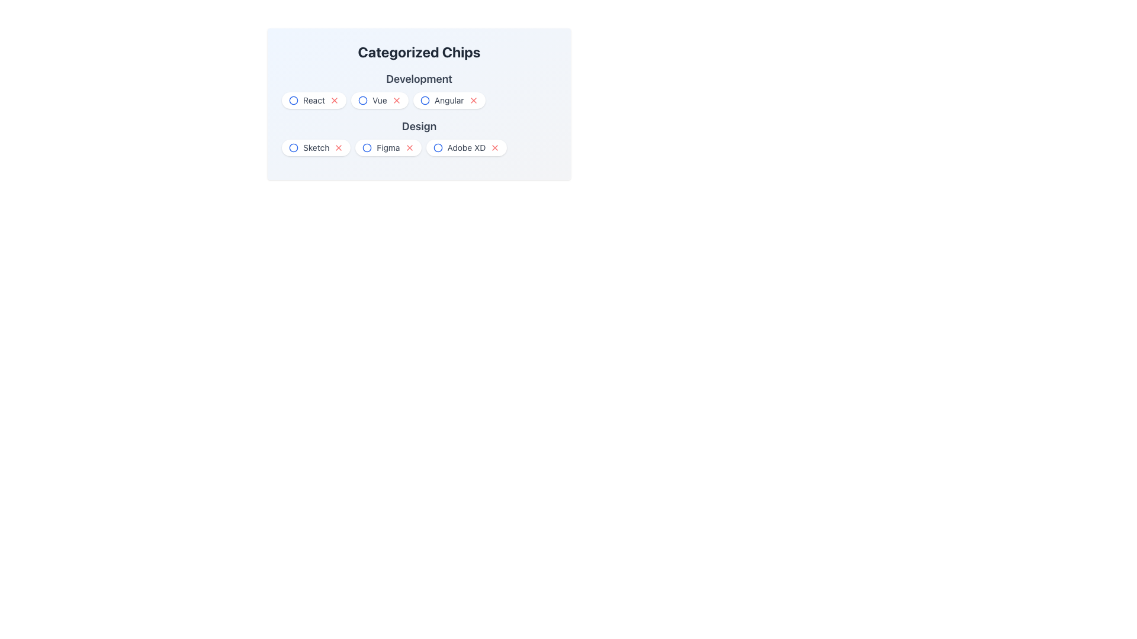 This screenshot has width=1137, height=639. Describe the element at coordinates (334, 99) in the screenshot. I see `the delete button located to the right of the 'React' label` at that location.